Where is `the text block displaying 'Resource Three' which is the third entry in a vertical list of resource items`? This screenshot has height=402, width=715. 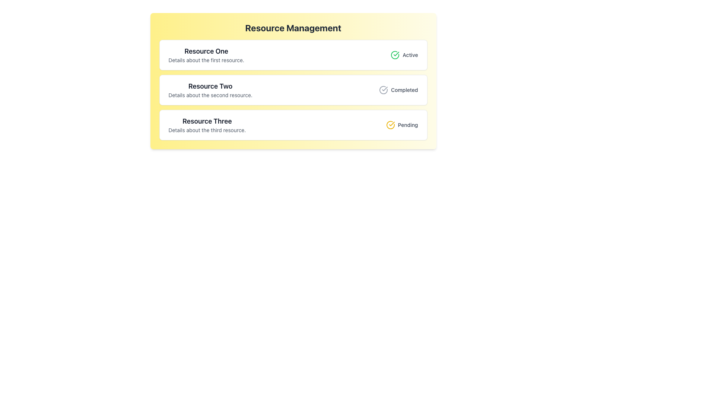
the text block displaying 'Resource Three' which is the third entry in a vertical list of resource items is located at coordinates (207, 124).